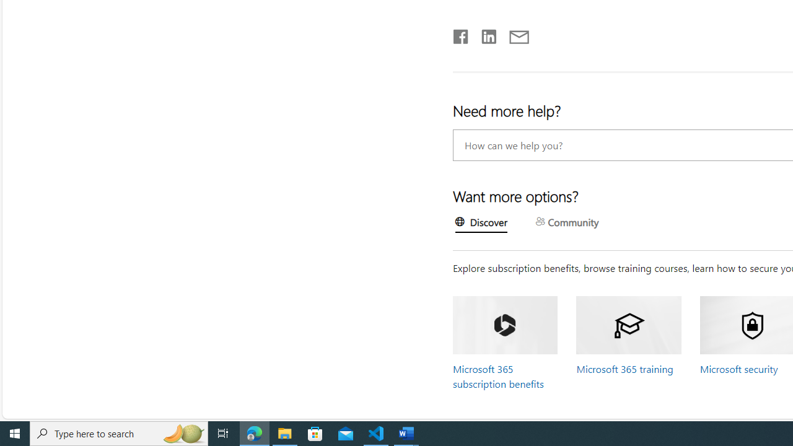 The width and height of the screenshot is (793, 446). I want to click on 'Facebook', so click(460, 33).